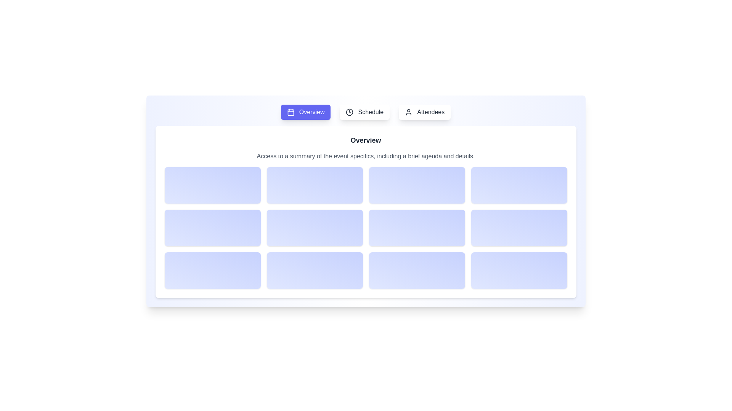 This screenshot has height=411, width=732. I want to click on the tab labeled Attendees to view its content, so click(424, 112).